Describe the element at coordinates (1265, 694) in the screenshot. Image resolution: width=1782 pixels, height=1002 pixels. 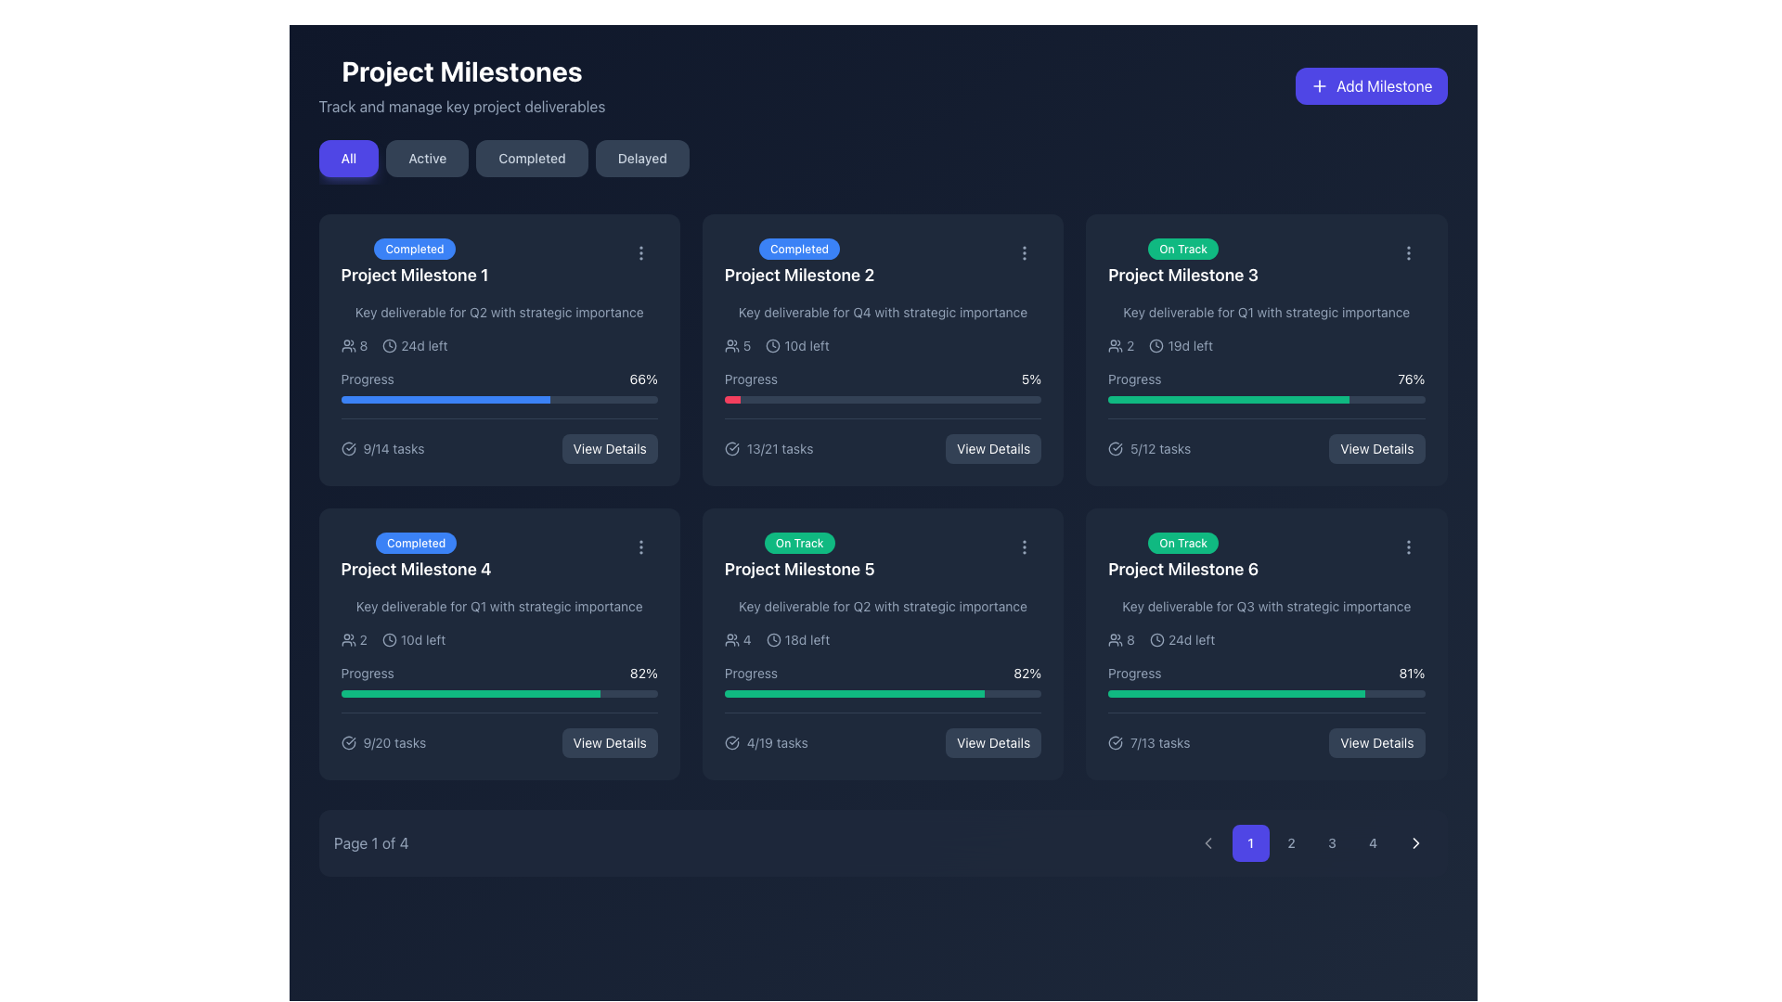
I see `progress bar located below the 'Progress' label in the 'Project Milestone 6' card, which shows a filled green segment indicating 81% completion` at that location.